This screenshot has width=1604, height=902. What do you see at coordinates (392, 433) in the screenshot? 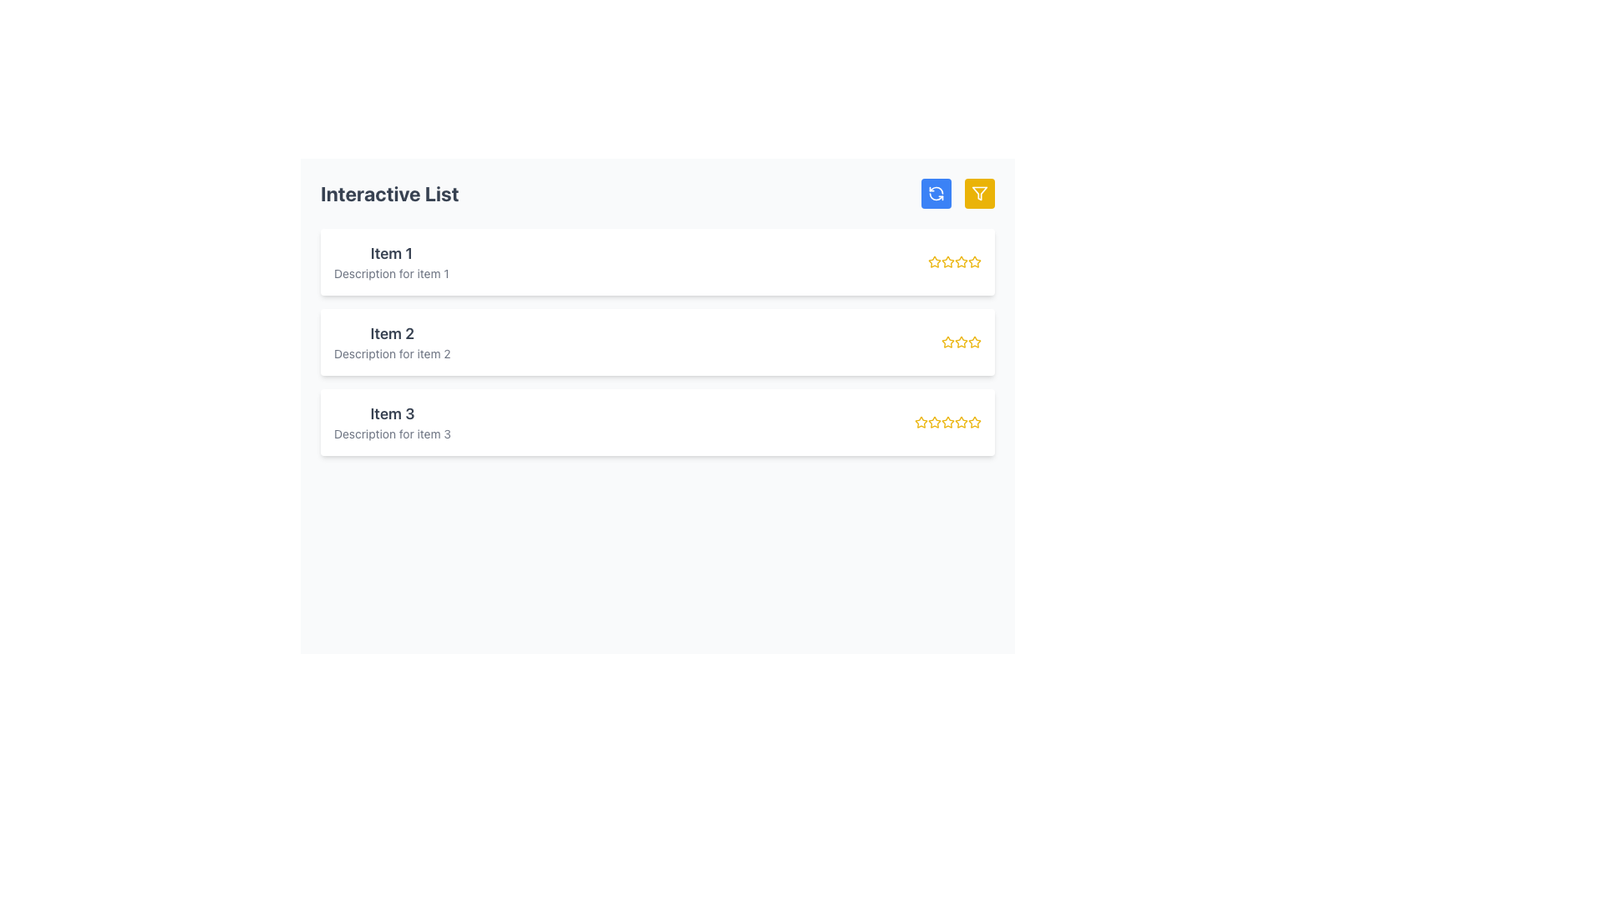
I see `the text label styled with a gray font color and small font size containing the text 'Description for item 3', located below the 'Item 3' label in a vertical layout within the third item of a structured list` at bounding box center [392, 433].